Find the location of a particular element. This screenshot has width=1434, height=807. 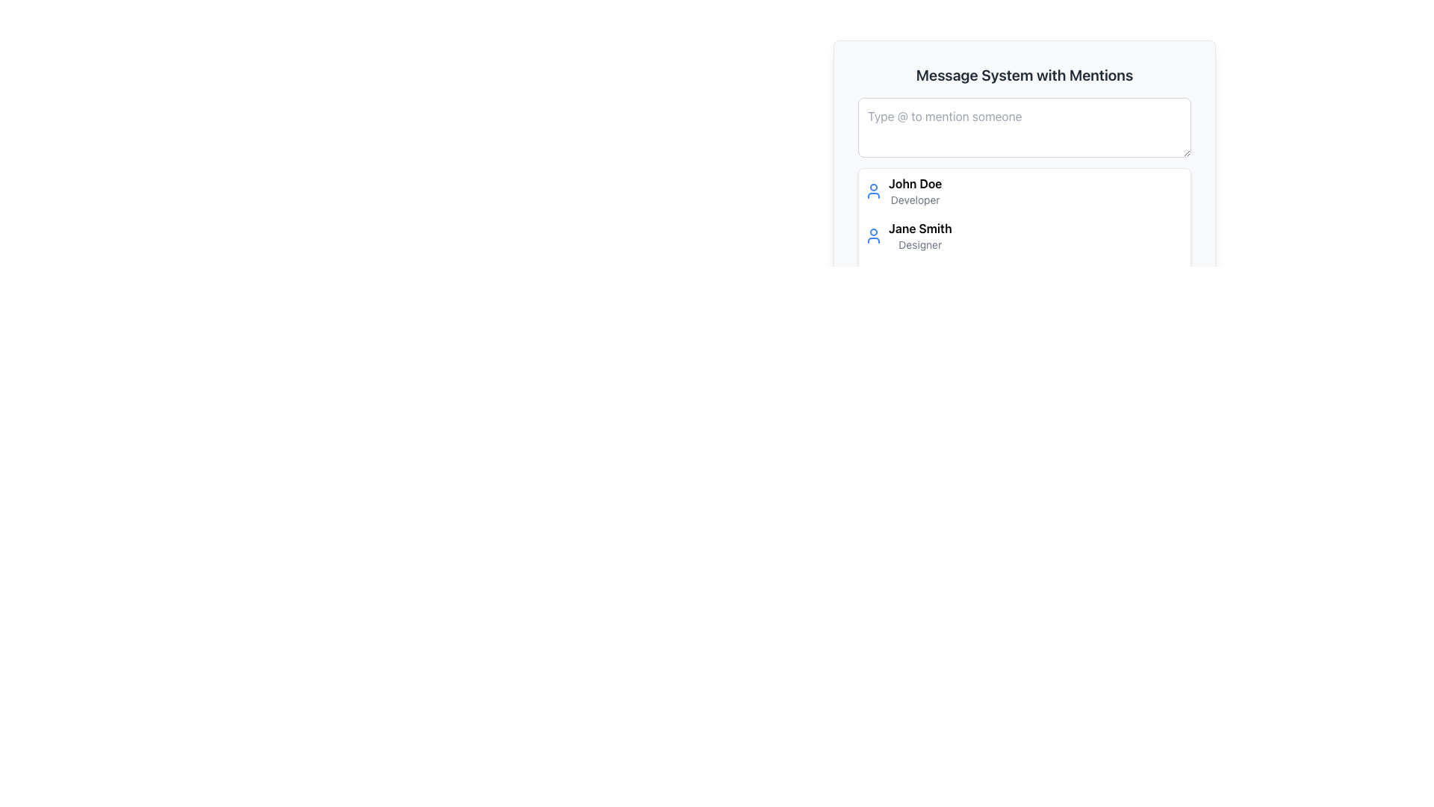

the 'Developer' label which is styled with a small gray font and located directly beneath the 'John Doe' text in the user information section is located at coordinates (914, 199).